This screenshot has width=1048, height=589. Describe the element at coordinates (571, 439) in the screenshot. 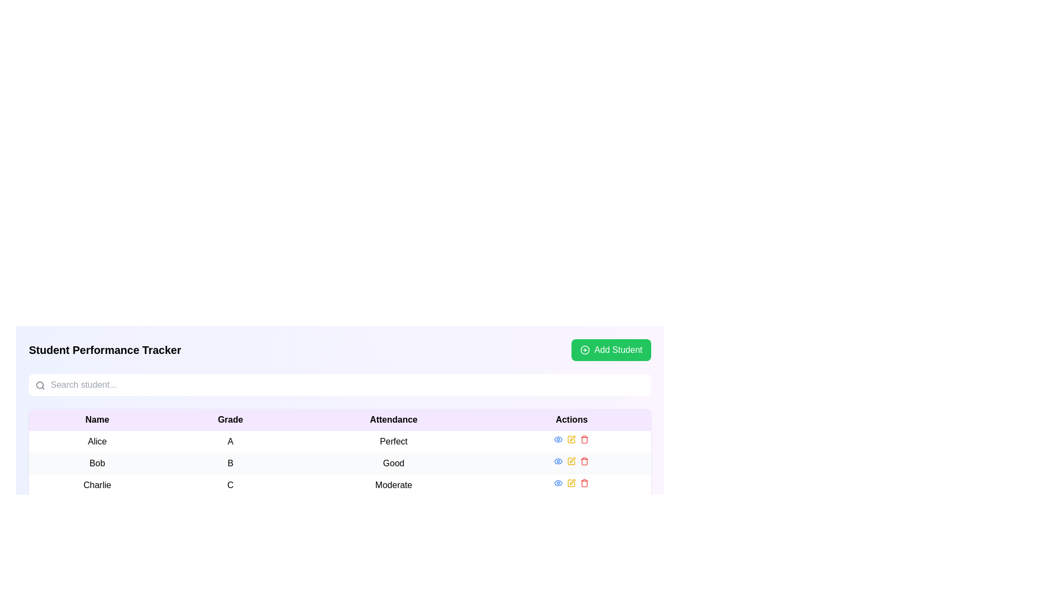

I see `the Row action controls element in the 'Actions' column for the entry 'Alice' with attendance status 'Perfect'` at that location.